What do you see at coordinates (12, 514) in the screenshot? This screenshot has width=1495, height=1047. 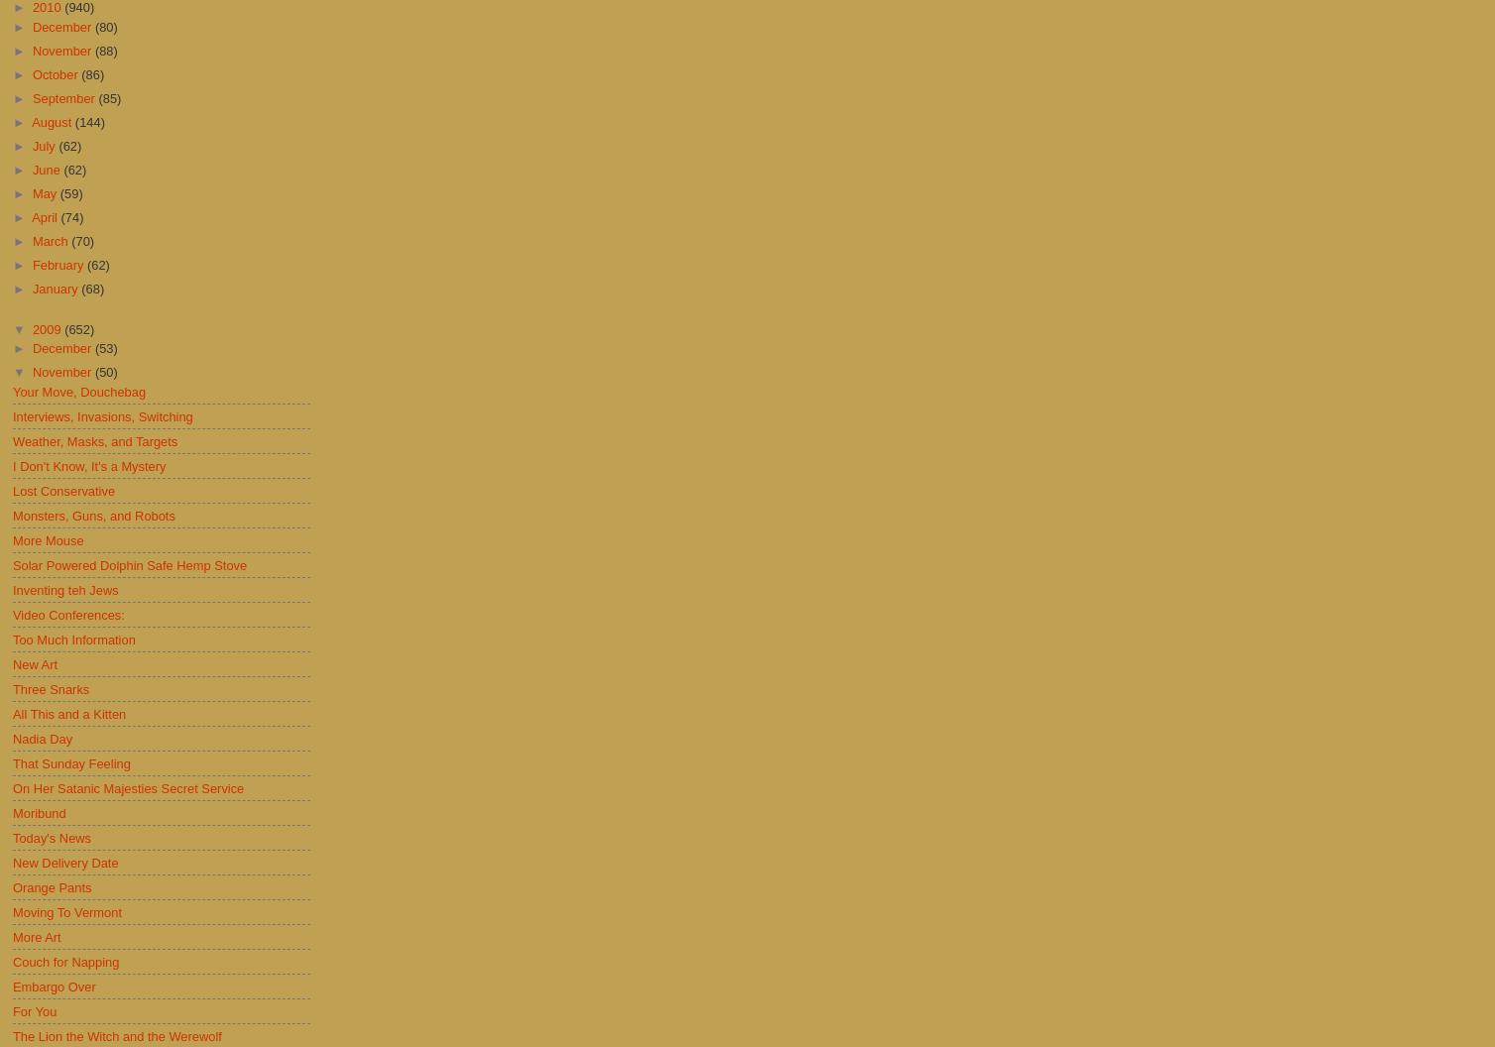 I see `'Monsters, Guns, and Robots'` at bounding box center [12, 514].